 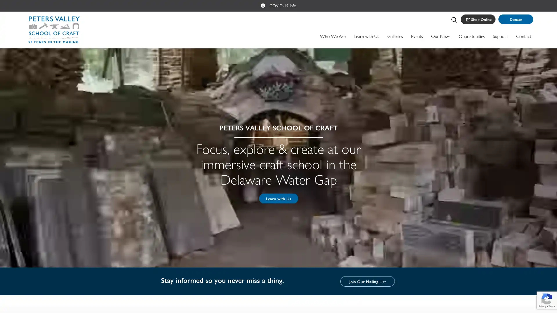 I want to click on Learn with Us, so click(x=278, y=198).